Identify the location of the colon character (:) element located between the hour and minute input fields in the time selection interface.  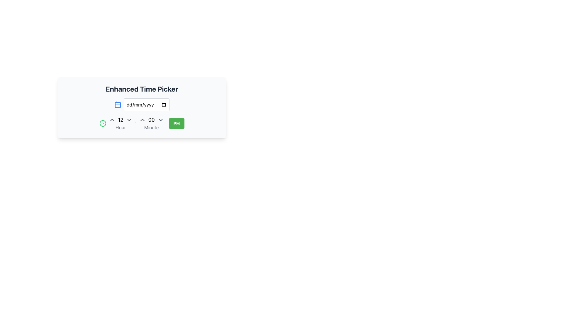
(135, 123).